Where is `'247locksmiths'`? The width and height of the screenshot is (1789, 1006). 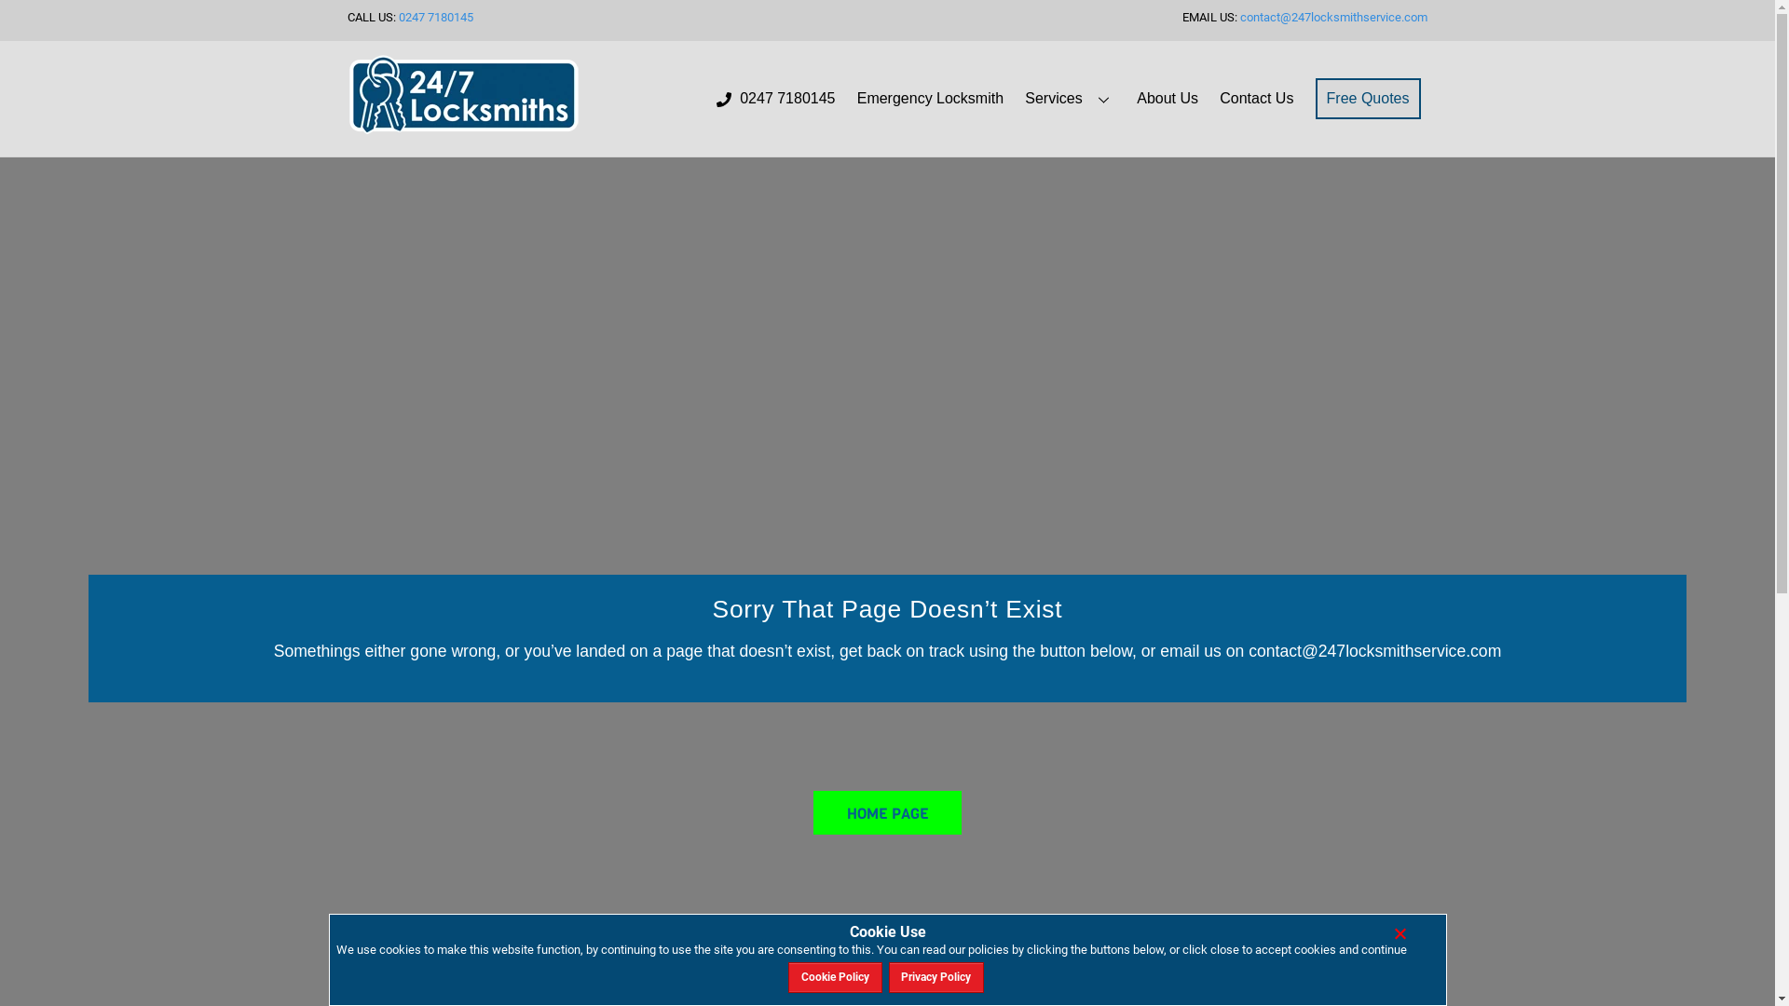
'247locksmiths' is located at coordinates (463, 95).